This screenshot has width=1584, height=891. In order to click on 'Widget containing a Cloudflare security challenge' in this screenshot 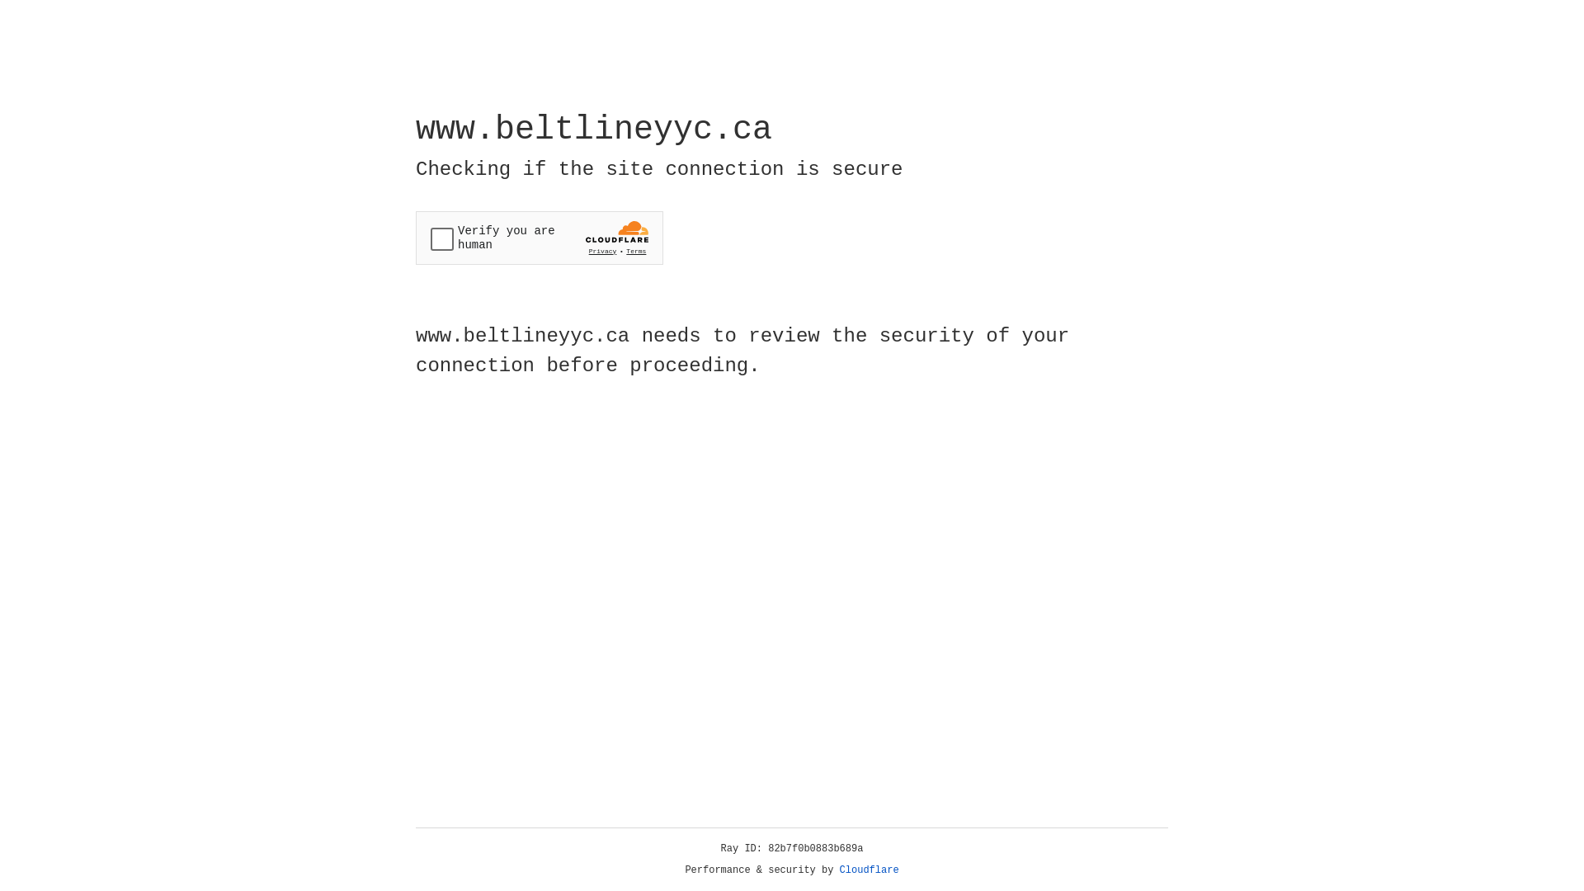, I will do `click(539, 238)`.